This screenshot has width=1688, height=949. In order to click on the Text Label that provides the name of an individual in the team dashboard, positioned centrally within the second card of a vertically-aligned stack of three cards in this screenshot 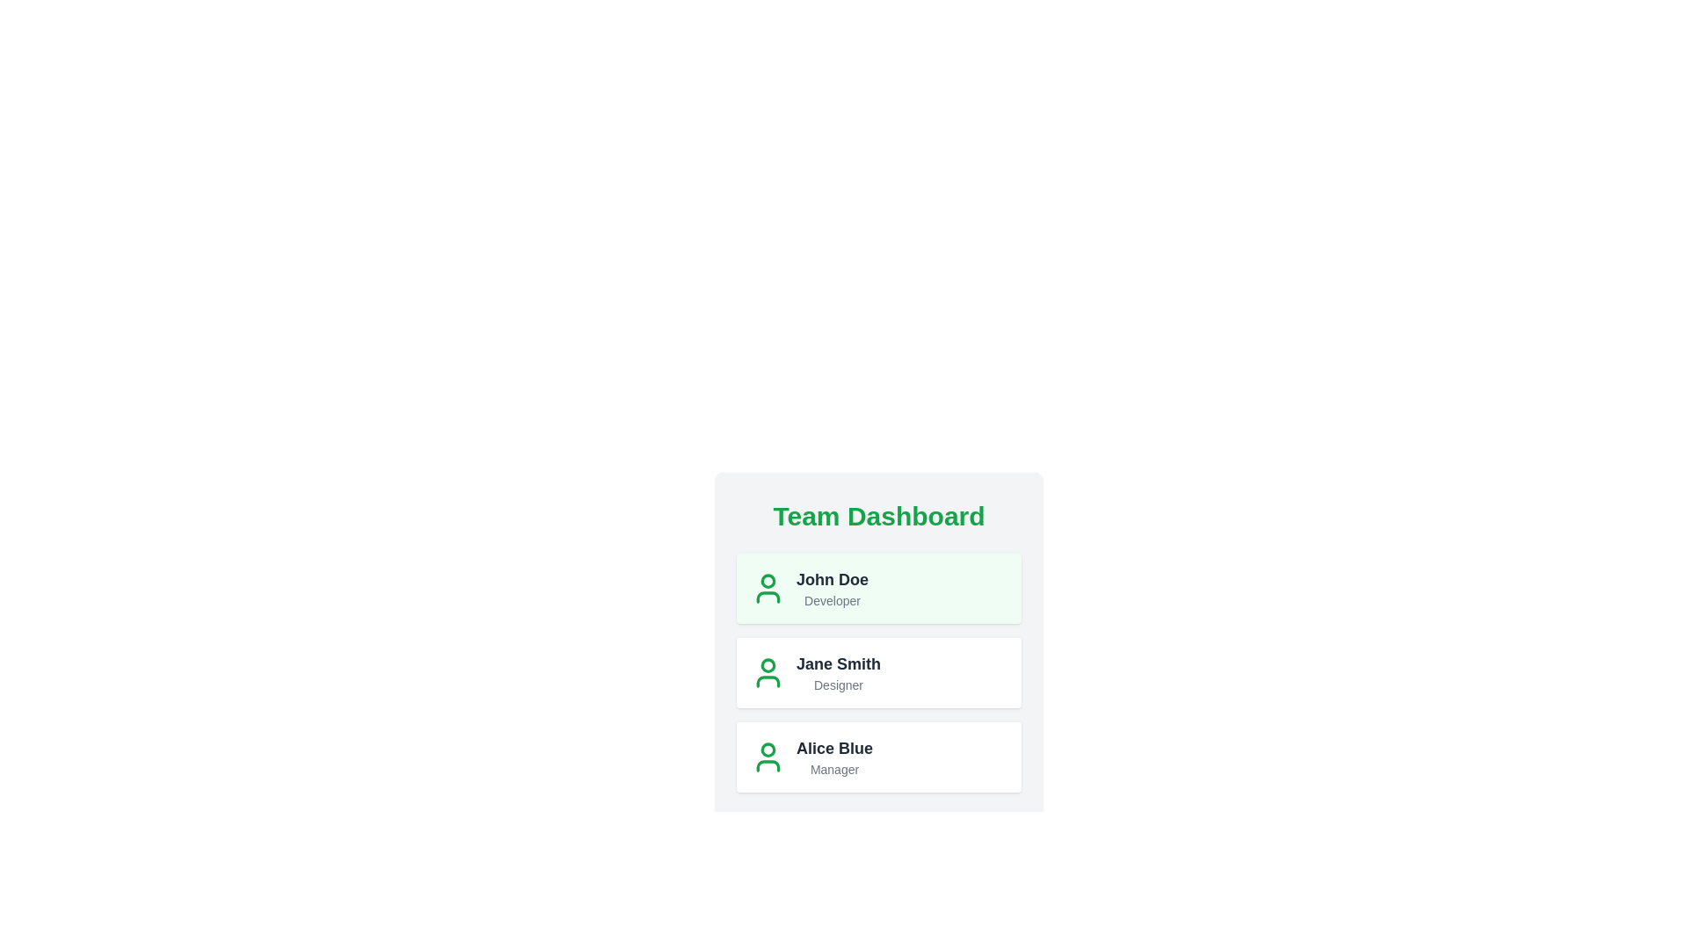, I will do `click(838, 664)`.